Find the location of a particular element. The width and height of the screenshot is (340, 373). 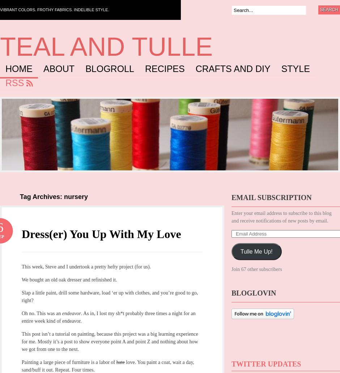

'Email Subscription' is located at coordinates (271, 197).